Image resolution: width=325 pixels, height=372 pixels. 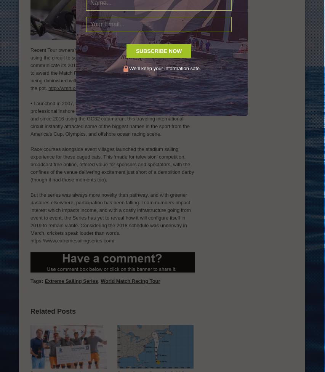 What do you see at coordinates (99, 281) in the screenshot?
I see `','` at bounding box center [99, 281].